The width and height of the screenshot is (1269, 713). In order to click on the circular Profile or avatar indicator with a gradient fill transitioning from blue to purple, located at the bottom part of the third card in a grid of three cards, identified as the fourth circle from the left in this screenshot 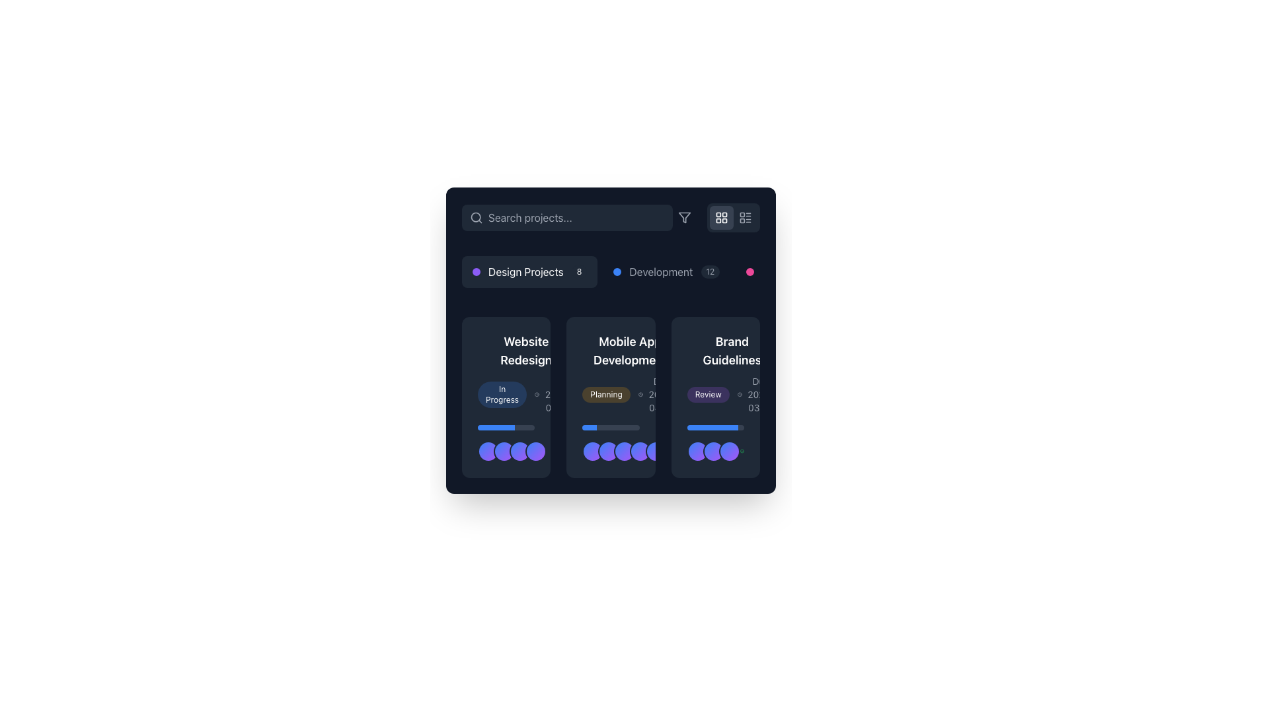, I will do `click(536, 450)`.